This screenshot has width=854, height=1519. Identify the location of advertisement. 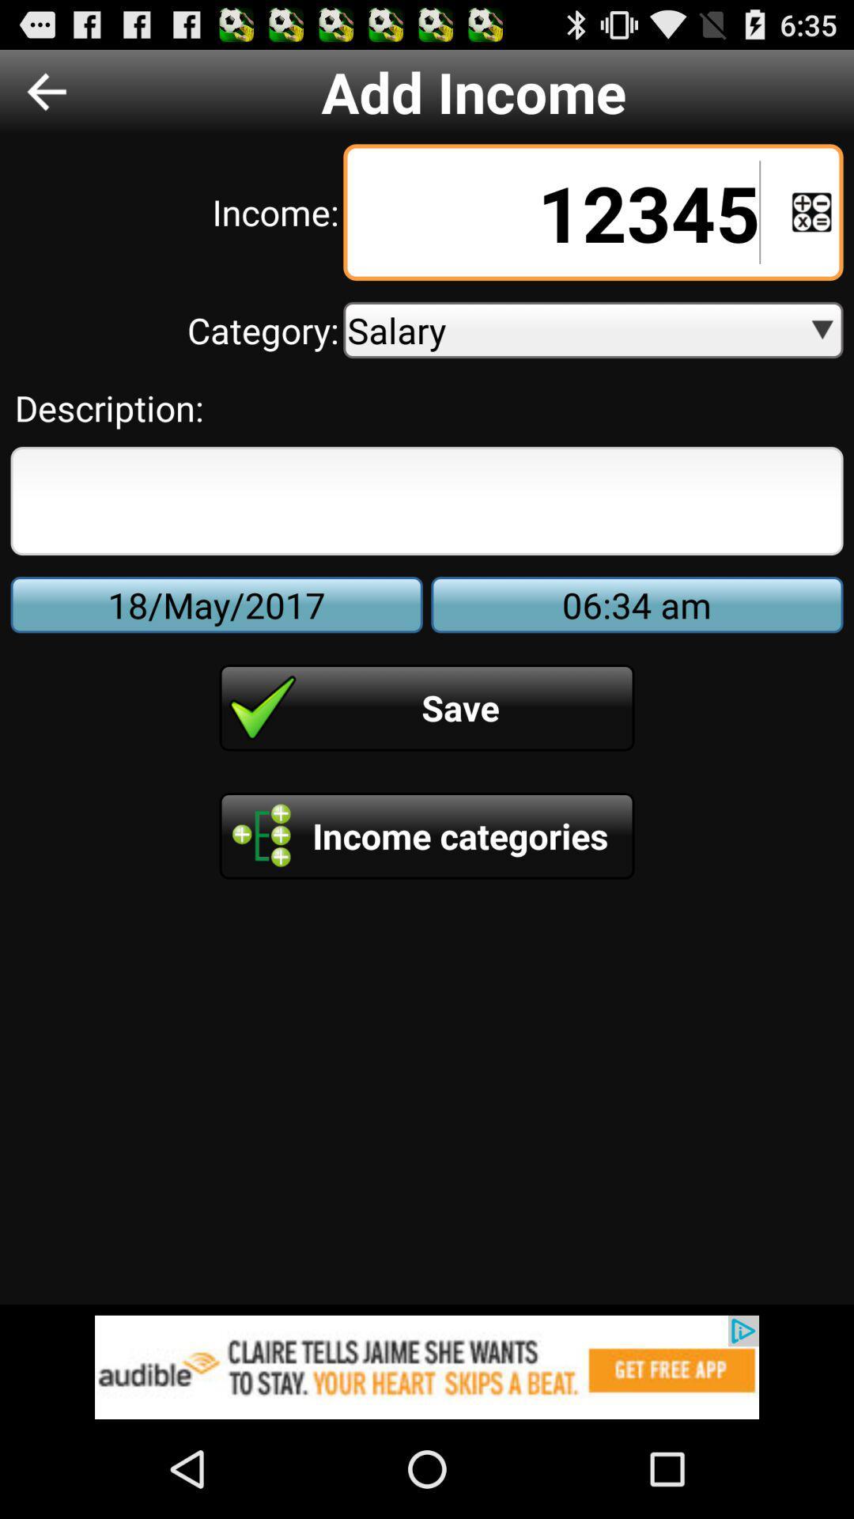
(427, 1366).